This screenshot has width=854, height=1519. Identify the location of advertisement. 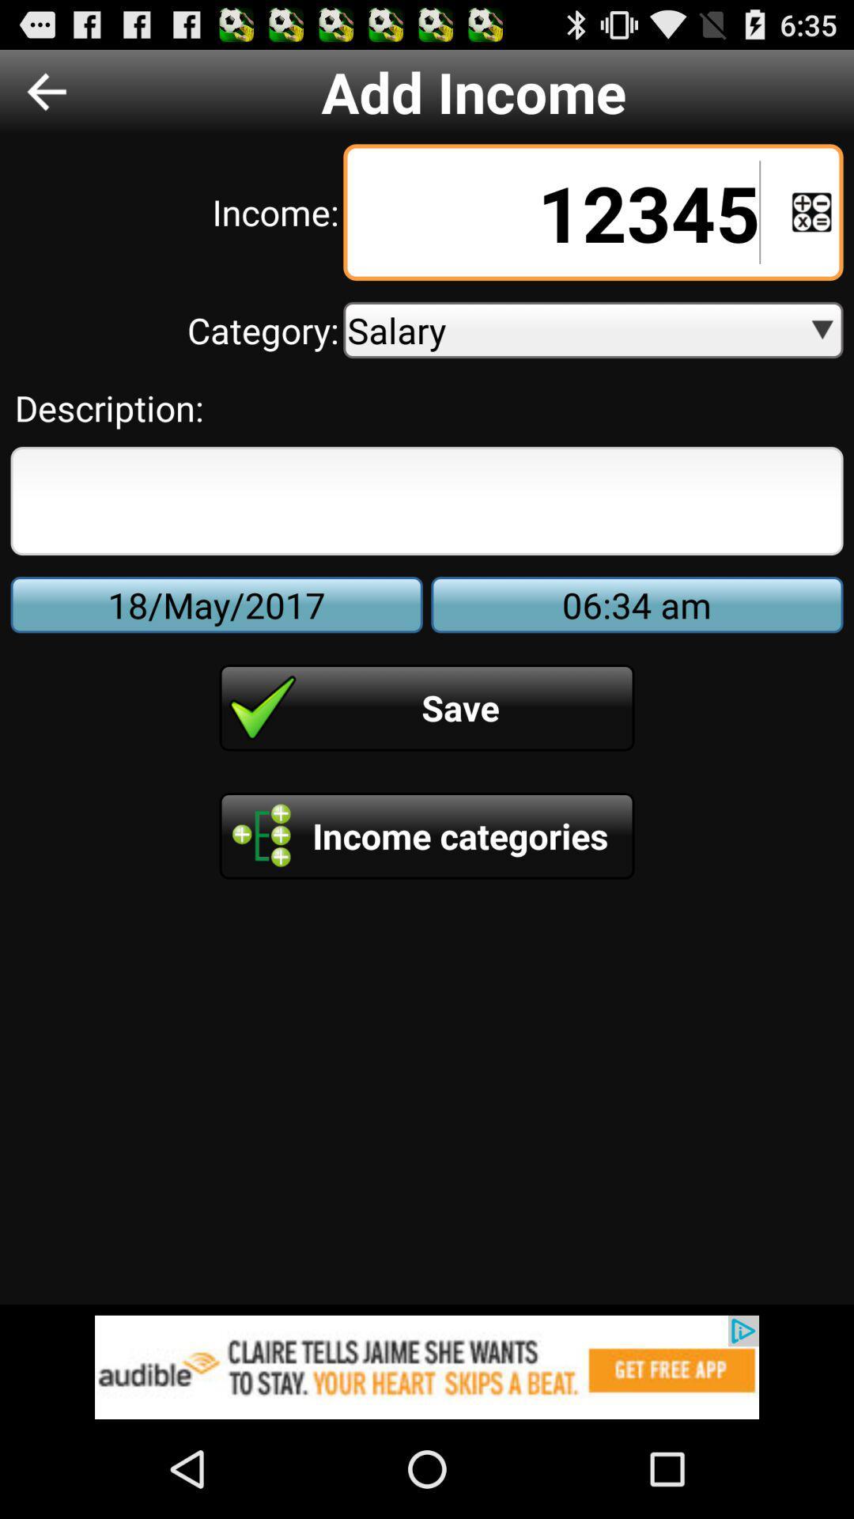
(427, 1366).